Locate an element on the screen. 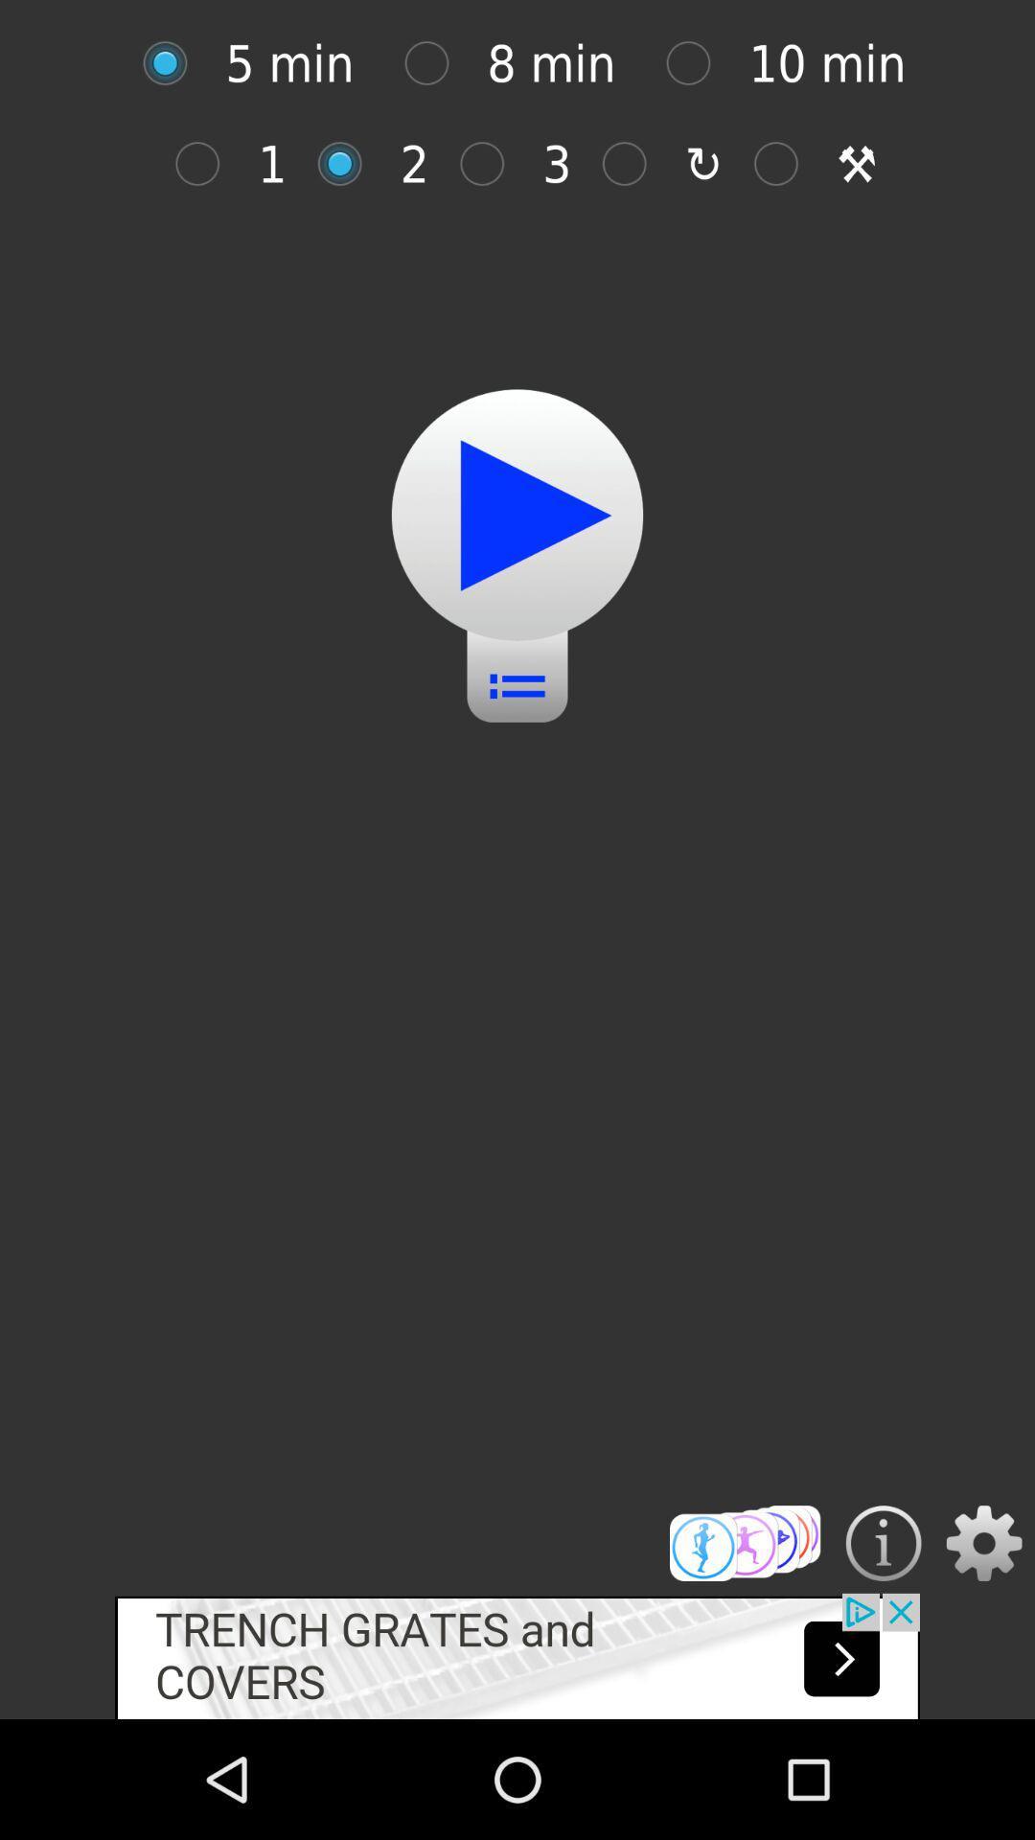 This screenshot has height=1840, width=1035. play is located at coordinates (517, 515).